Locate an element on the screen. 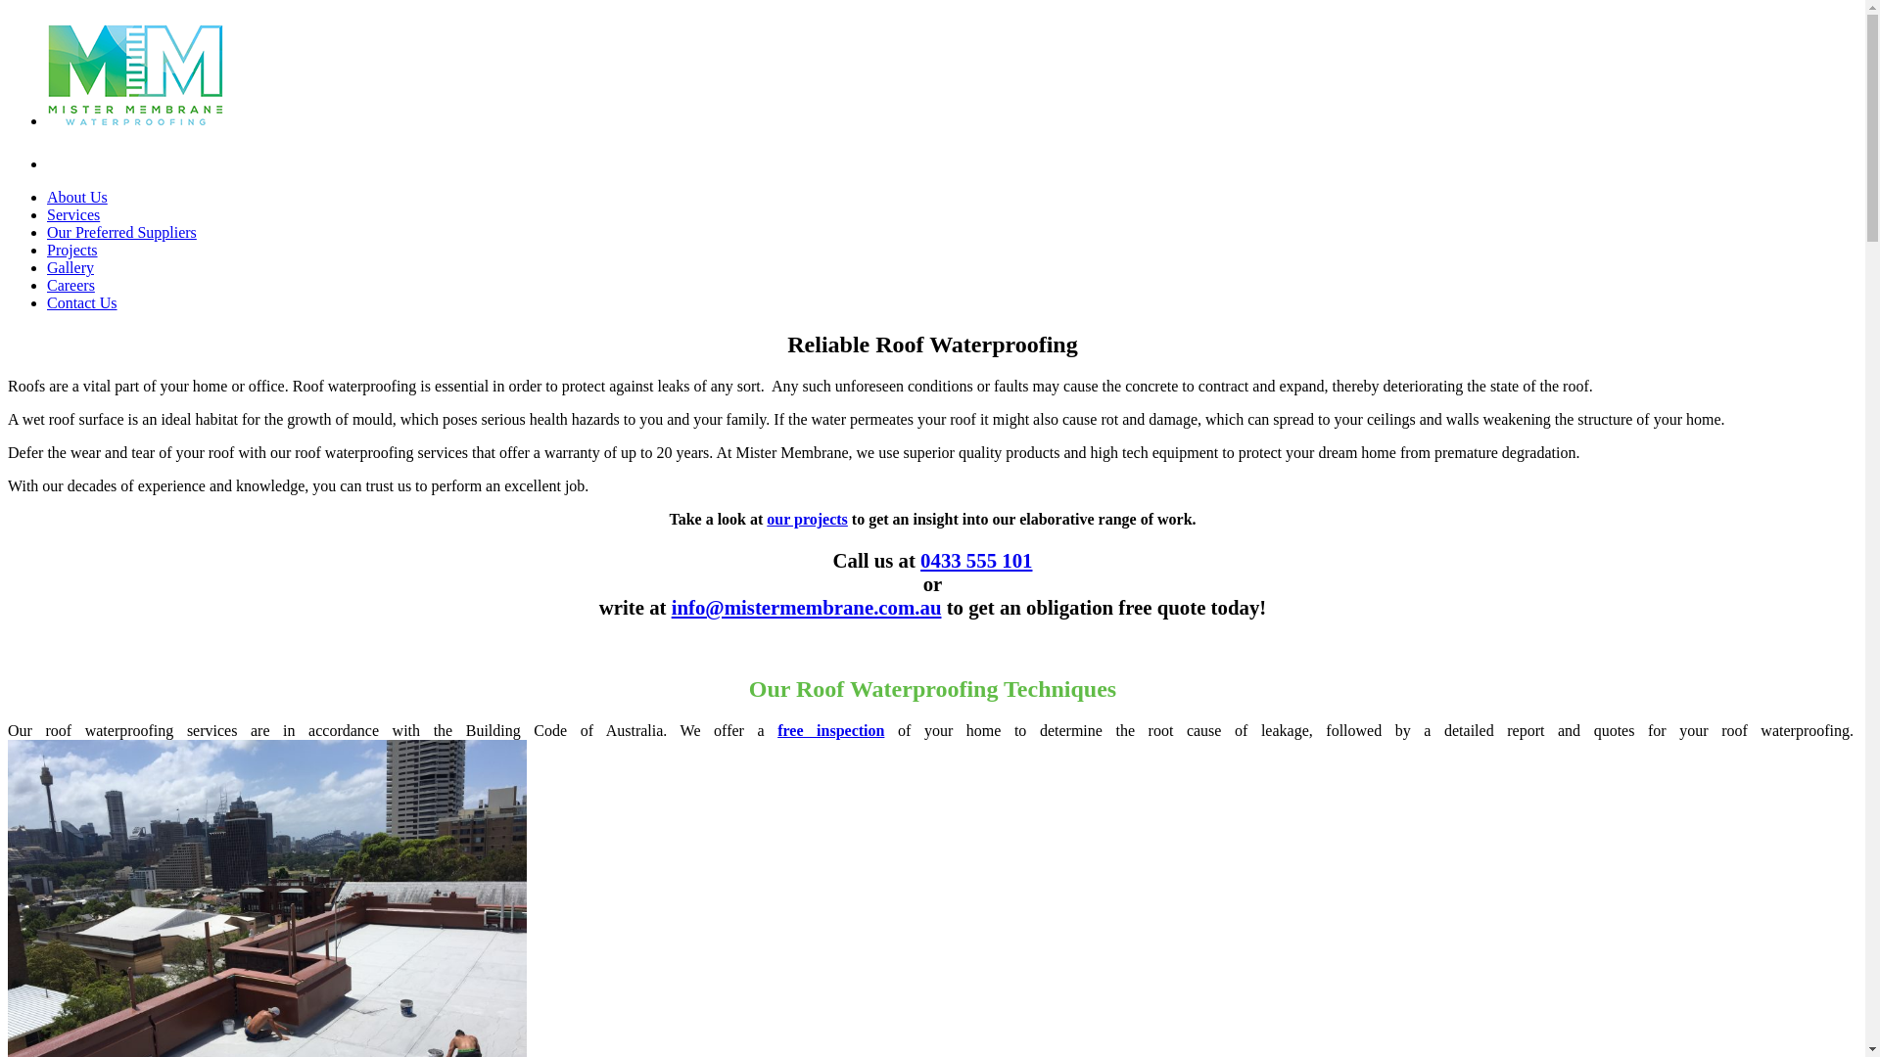  'free inspection' is located at coordinates (830, 730).